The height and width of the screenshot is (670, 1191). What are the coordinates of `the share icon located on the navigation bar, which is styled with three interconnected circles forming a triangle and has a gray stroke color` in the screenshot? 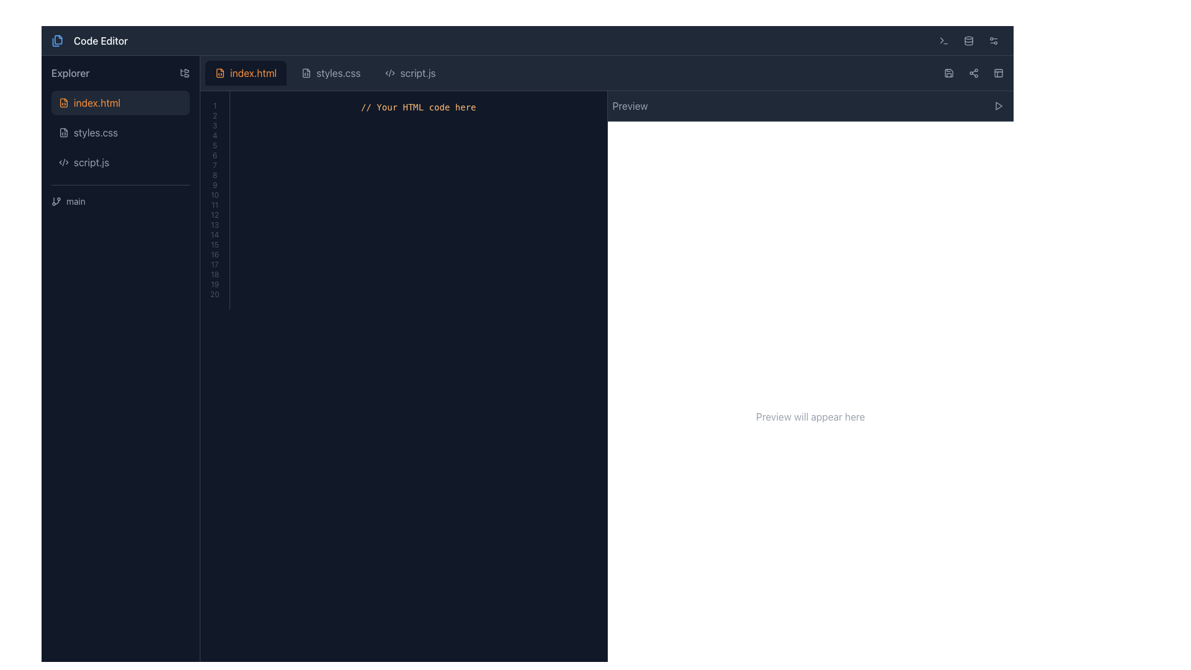 It's located at (973, 73).